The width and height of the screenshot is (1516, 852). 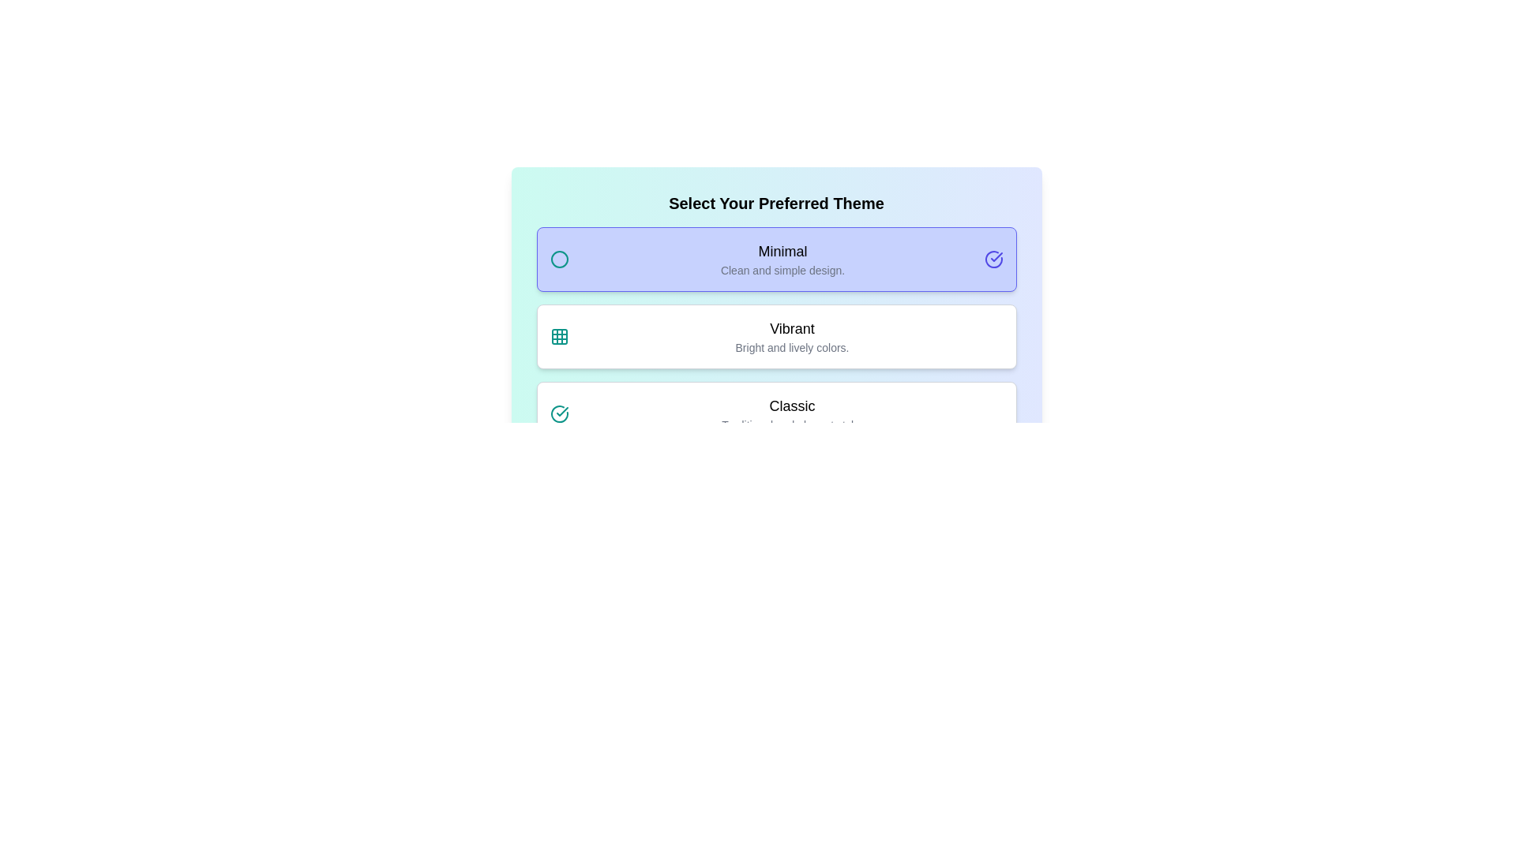 What do you see at coordinates (782, 270) in the screenshot?
I see `the static text element reading 'Clean and simple design.' which is styled in smaller fonts and lighter gray, located beneath the heading 'Minimal' within a card-like selection component` at bounding box center [782, 270].